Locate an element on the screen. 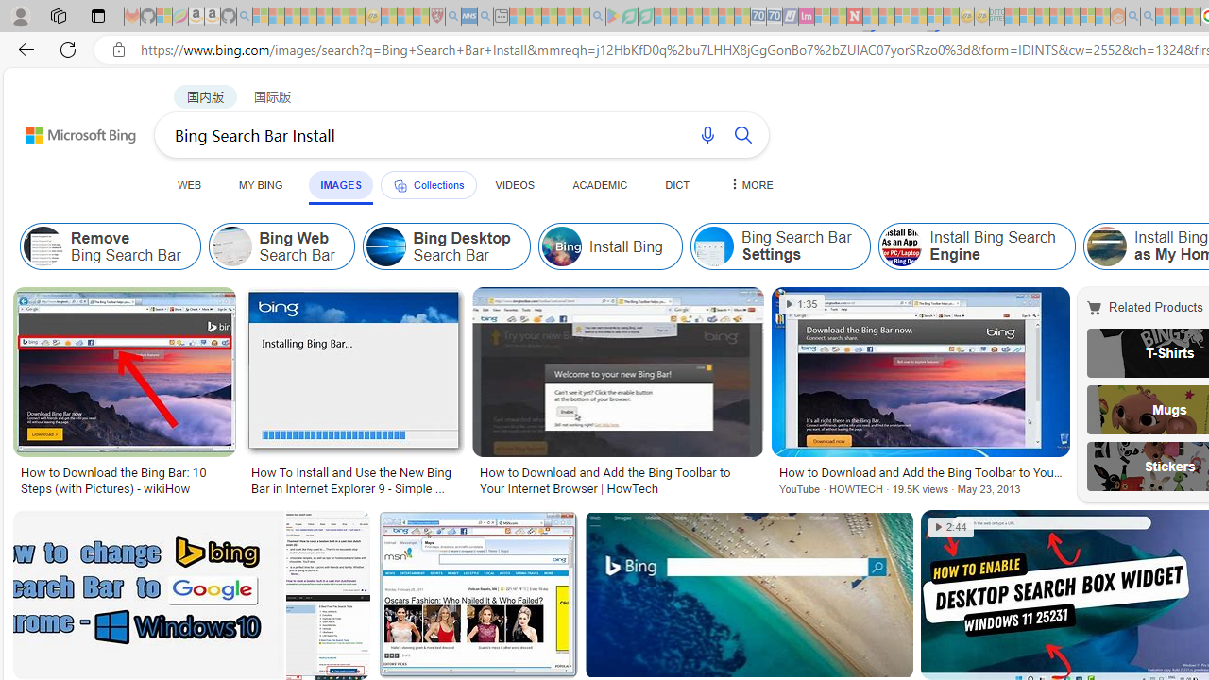  'DICT' is located at coordinates (677, 184).